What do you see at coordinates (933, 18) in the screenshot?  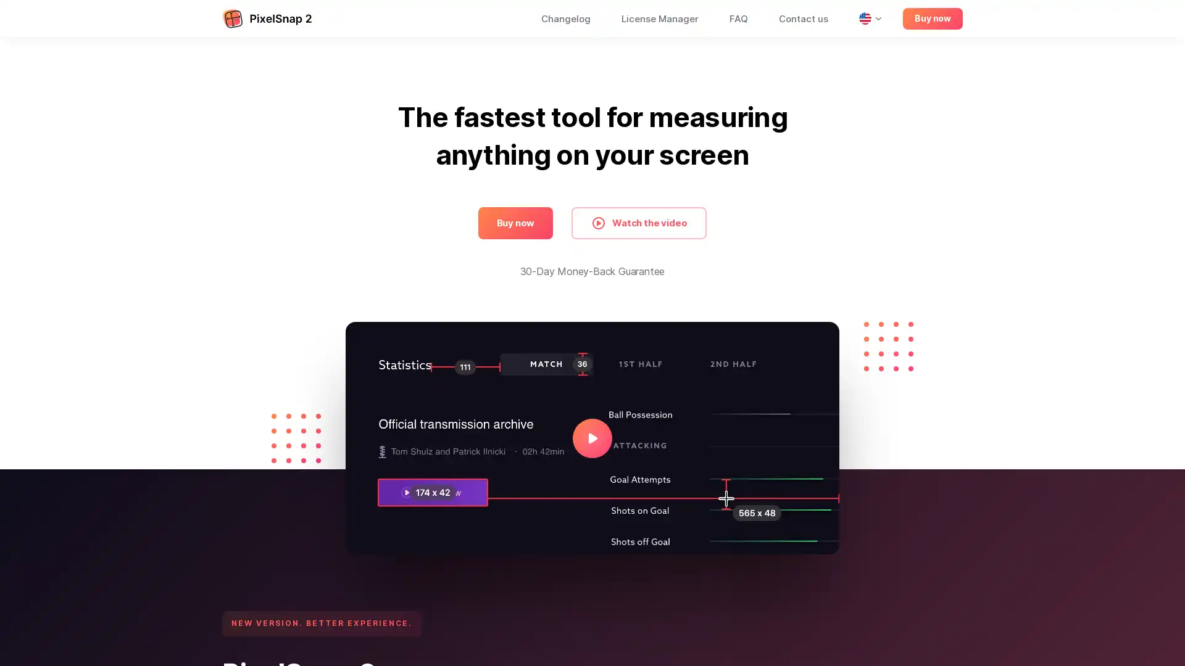 I see `Buy now` at bounding box center [933, 18].